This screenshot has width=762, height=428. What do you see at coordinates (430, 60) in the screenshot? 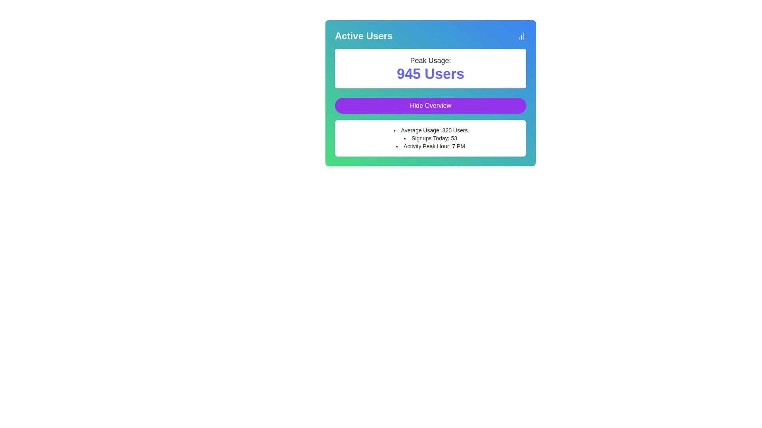
I see `text content of the label 'Peak Usage:' which is prominently displayed above the numeric value '945 Users' in a white box` at bounding box center [430, 60].